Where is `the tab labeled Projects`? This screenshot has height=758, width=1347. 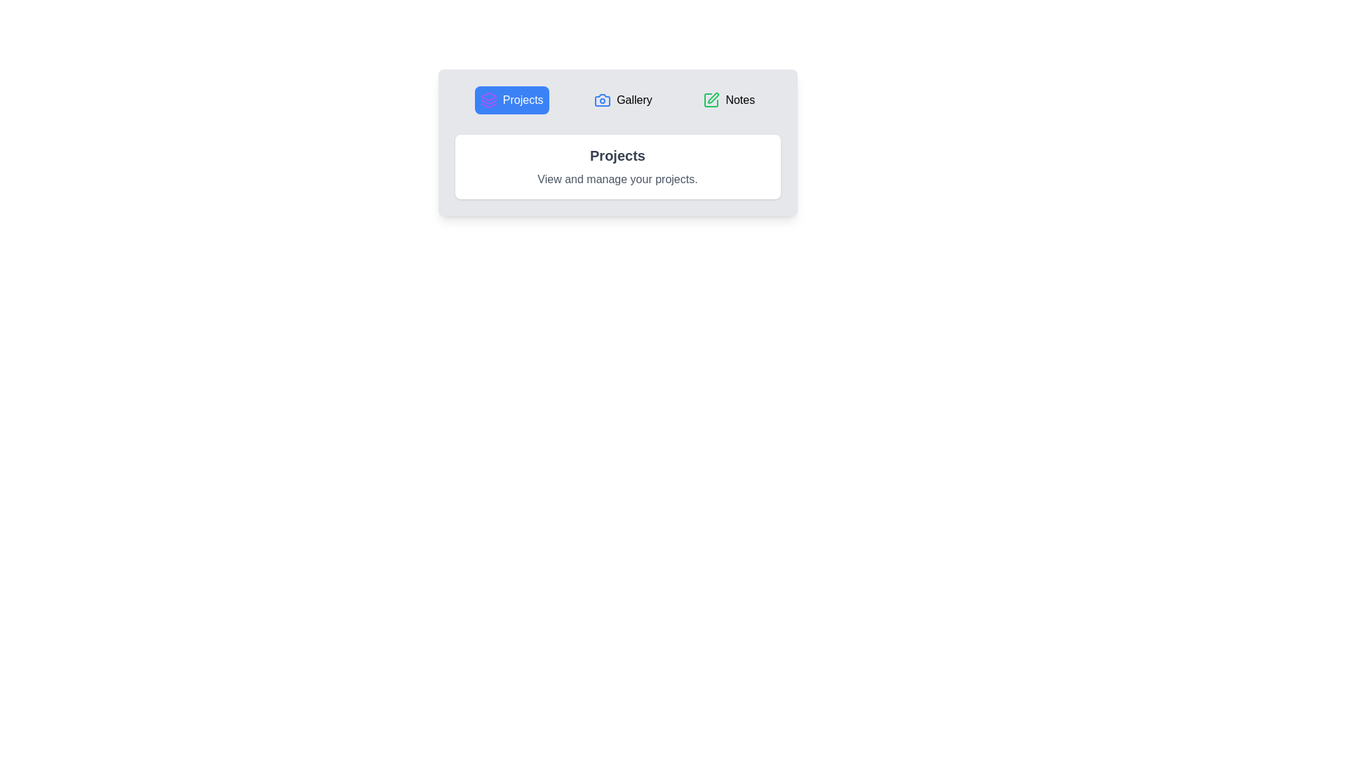 the tab labeled Projects is located at coordinates (511, 99).